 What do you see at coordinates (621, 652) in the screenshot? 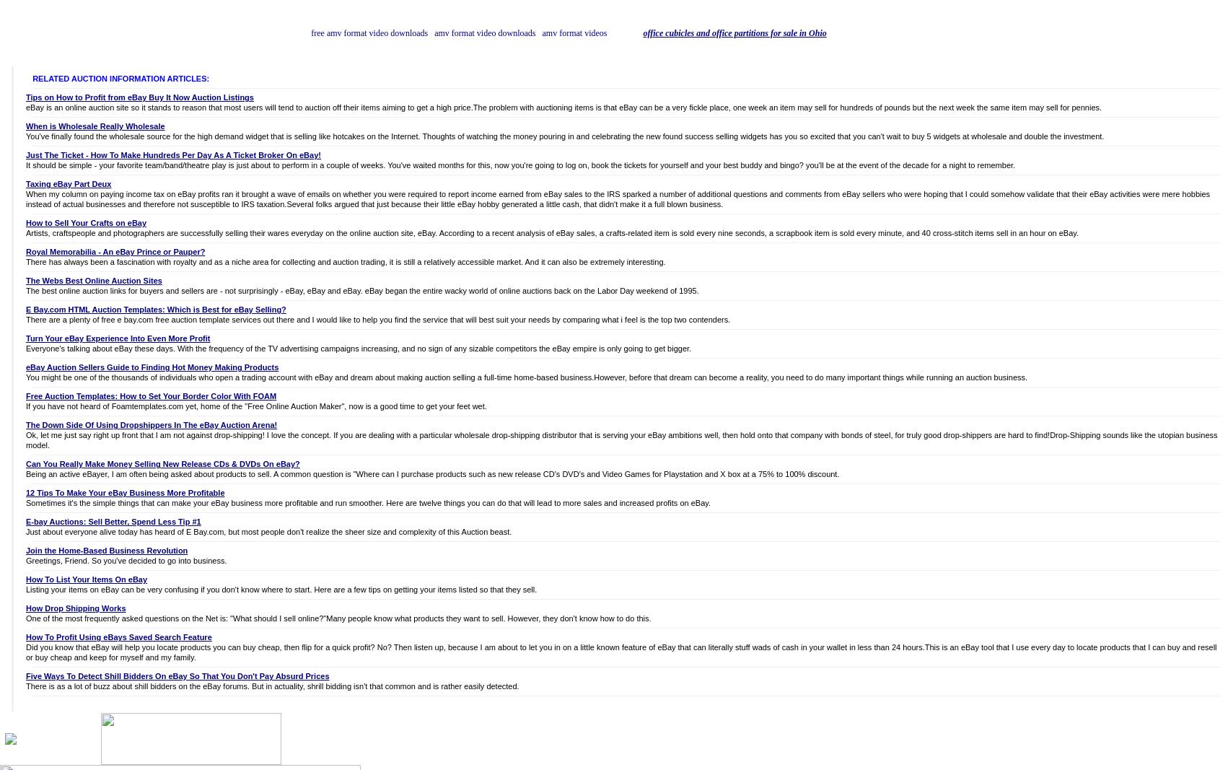
I see `'Did you know that eBay will help you locate products you
        can buy cheap, then flip for a quick profit? No? Then
        listen up, because I am about to let you in on a little
        known feature of eBay that can literally stuff wads of cash
        in your wallet in less than 24 hours.This is an eBay tool
        that I use every day to locate products that I can buy and
        resell or buy cheap and keep for myself and my family.'` at bounding box center [621, 652].